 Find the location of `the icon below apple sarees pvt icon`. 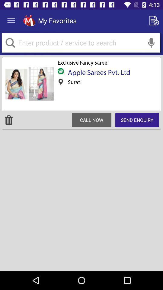

the icon below apple sarees pvt icon is located at coordinates (137, 120).